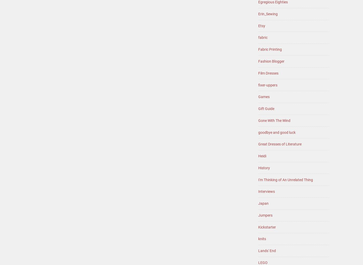 This screenshot has height=265, width=363. What do you see at coordinates (258, 84) in the screenshot?
I see `'fixer-uppers'` at bounding box center [258, 84].